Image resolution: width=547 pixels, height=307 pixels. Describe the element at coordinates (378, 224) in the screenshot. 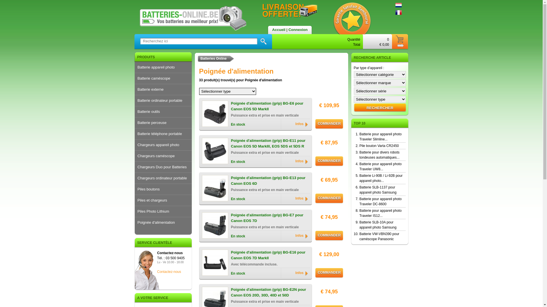

I see `'Batterie SLB-10A pour appareil photo Samsung'` at that location.